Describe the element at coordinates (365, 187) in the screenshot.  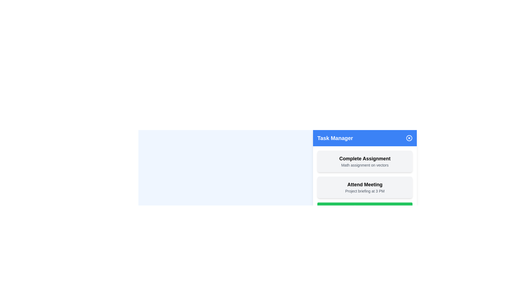
I see `the Task Card labeled 'Attend Meeting' which contains the details 'Project briefing at 3 PM.' This card is the second item in the vertical stack of task cards` at that location.